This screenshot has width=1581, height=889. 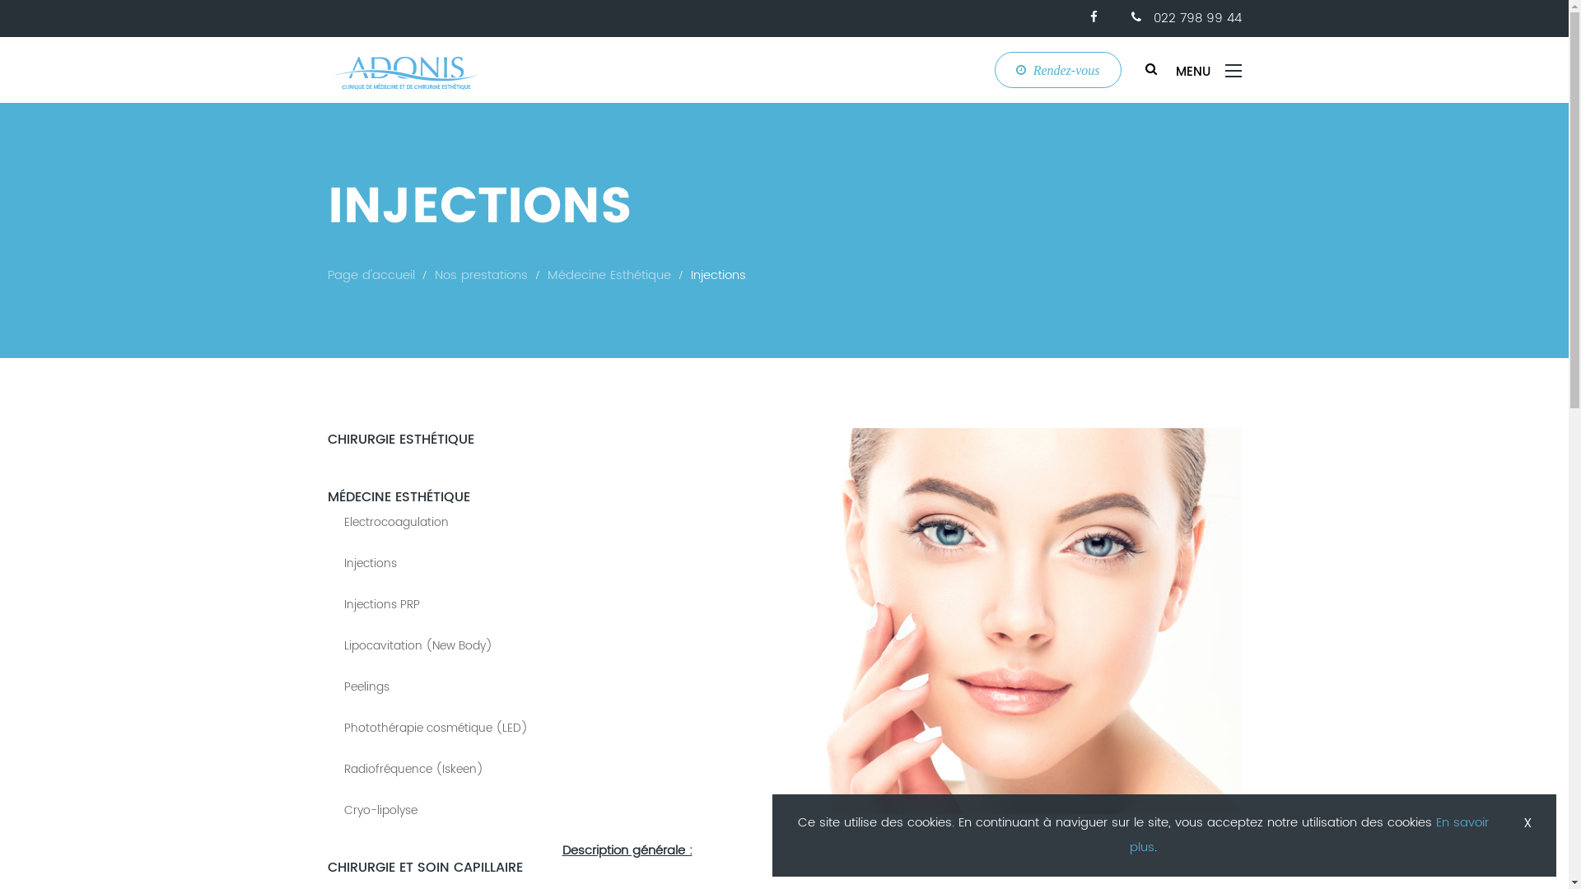 I want to click on 'x', so click(x=1514, y=822).